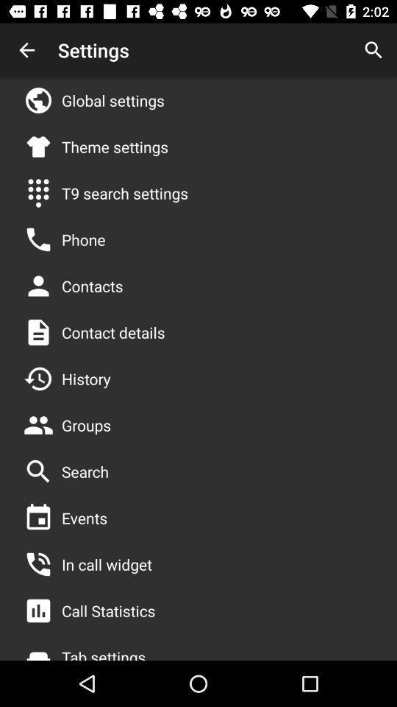 This screenshot has height=707, width=397. I want to click on groups item, so click(86, 425).